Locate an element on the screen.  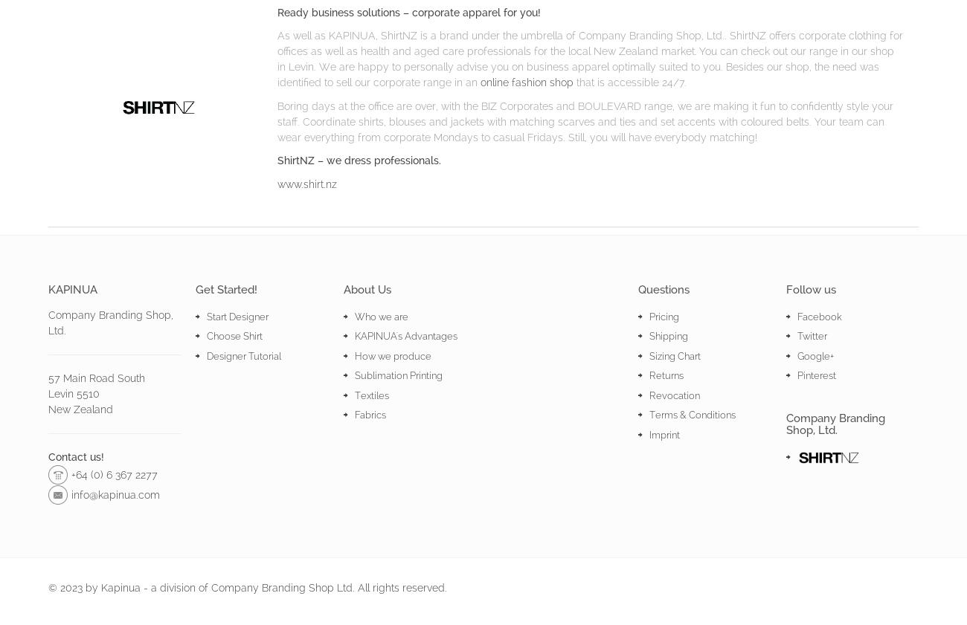
'Boring days at the office are over, with the BIZ Corporates and BOULEVARD range, we are making it fun to confidently style your staff. Coordinate shirts, blouses and jackets with matching scarves and ties and set accents with coloured belts. Your team can wear everything from corporate Mondays to casual Fridays. Still, you will have everybody matching!' is located at coordinates (583, 120).